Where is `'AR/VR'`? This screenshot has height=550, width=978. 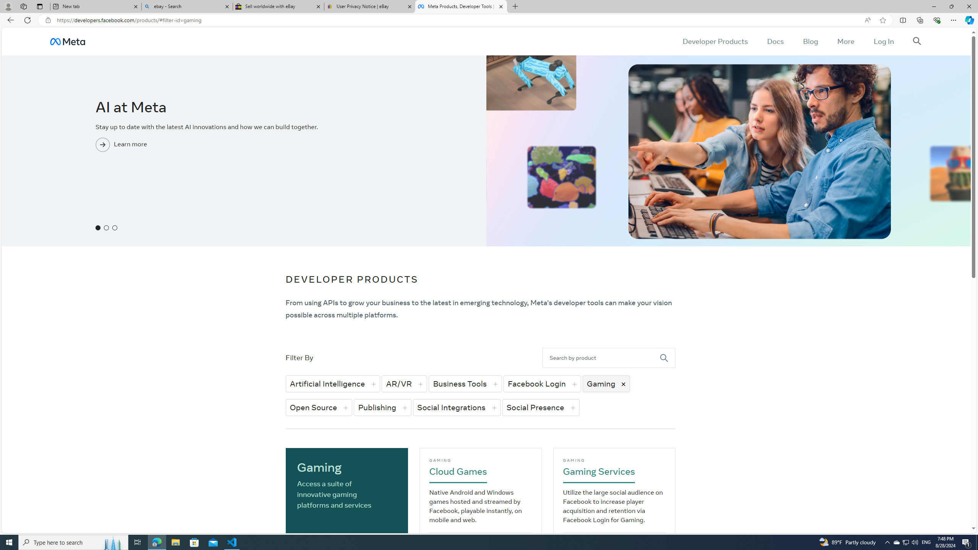
'AR/VR' is located at coordinates (404, 383).